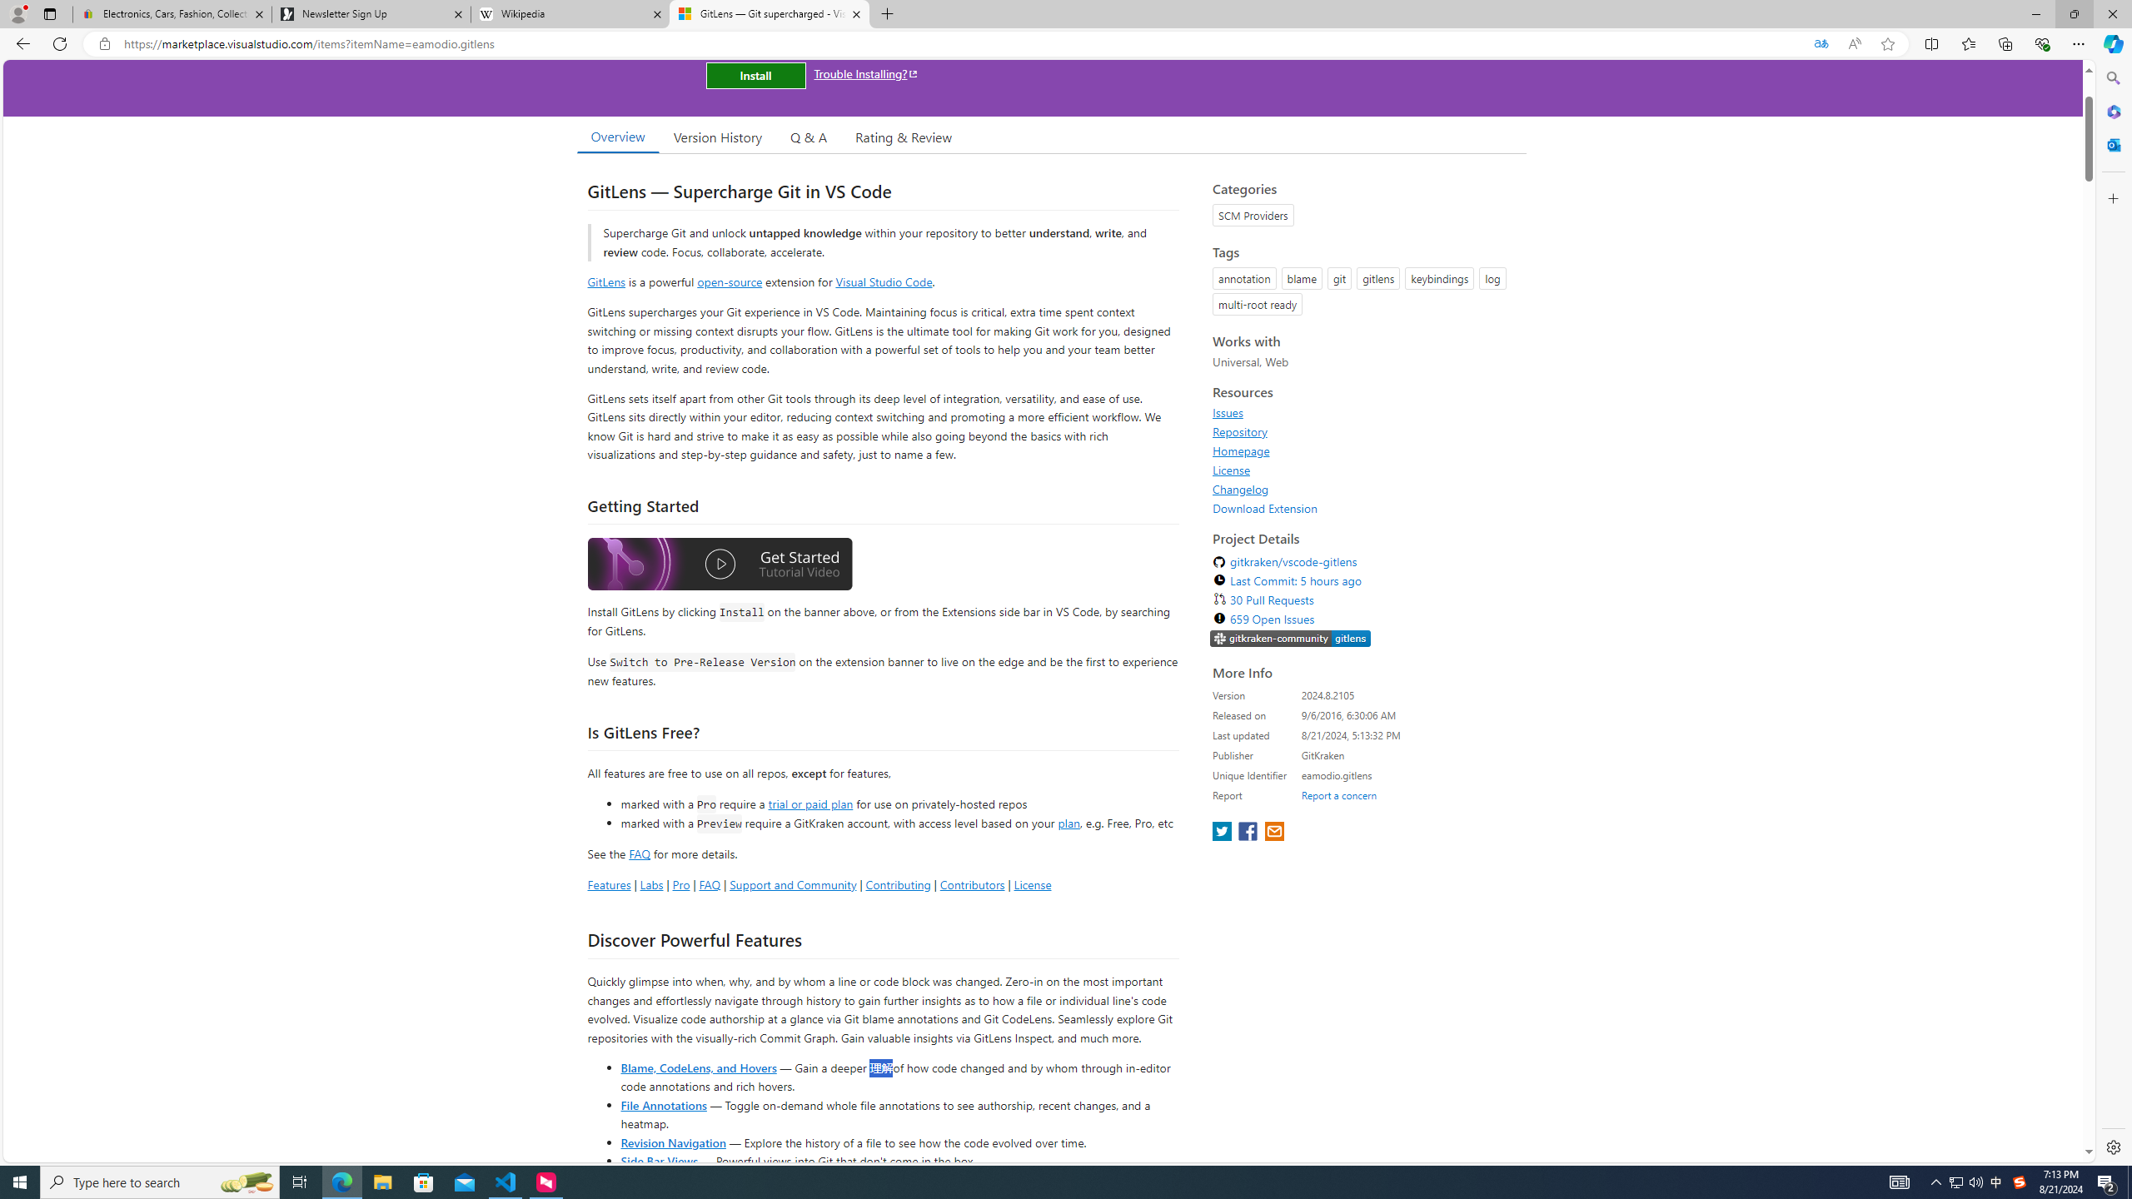 This screenshot has height=1199, width=2132. Describe the element at coordinates (1364, 430) in the screenshot. I see `'Repository'` at that location.